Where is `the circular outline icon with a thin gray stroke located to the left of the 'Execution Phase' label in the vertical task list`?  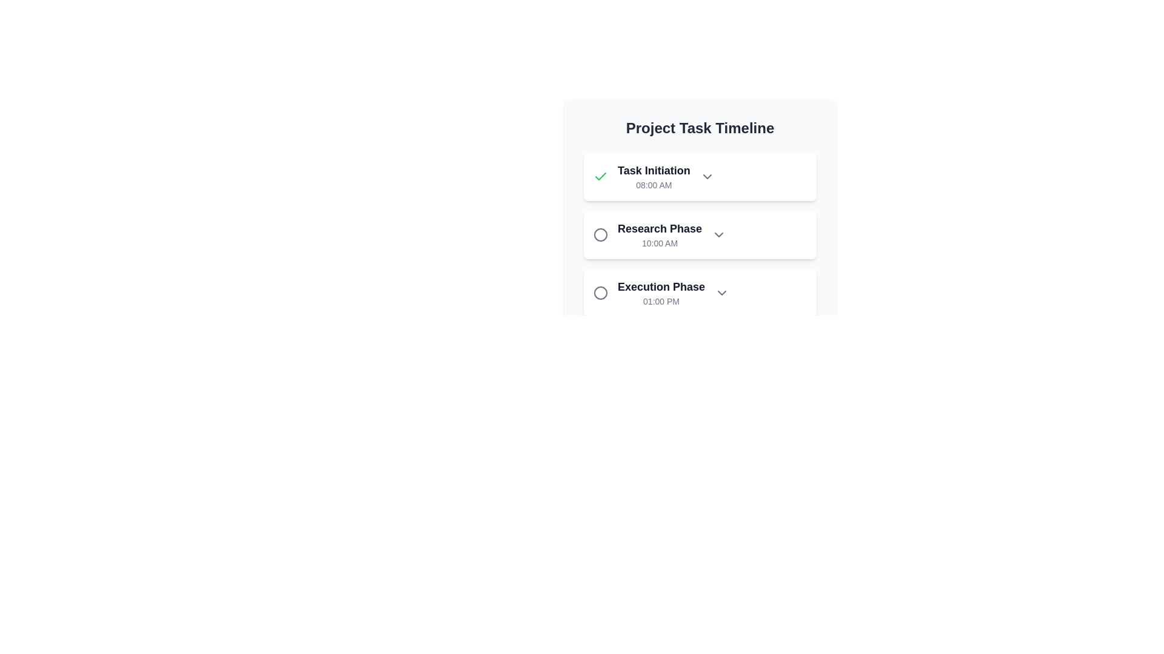 the circular outline icon with a thin gray stroke located to the left of the 'Execution Phase' label in the vertical task list is located at coordinates (600, 235).